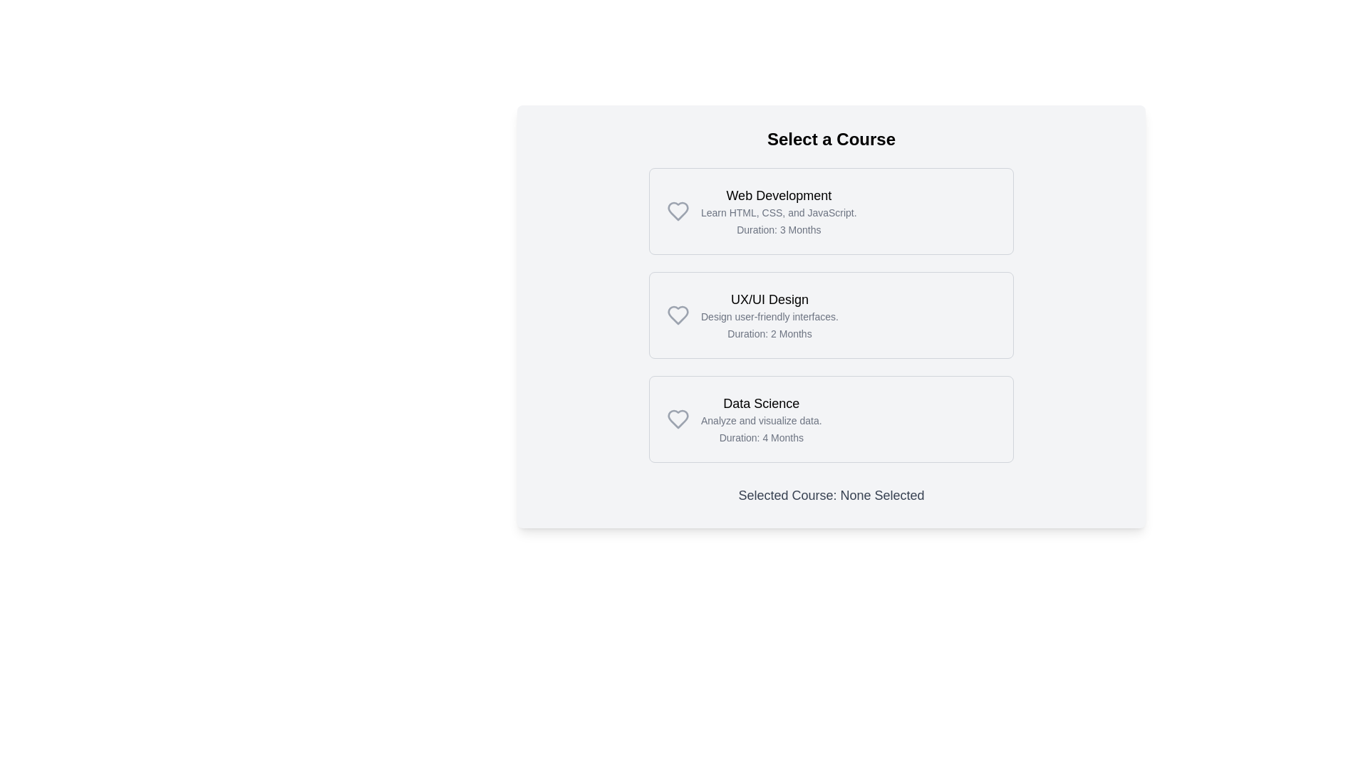 The image size is (1368, 769). What do you see at coordinates (677, 315) in the screenshot?
I see `the heart icon representing the popularity or bookmarking for the 'UX/UI Design' course, which is located to the left of the course text block` at bounding box center [677, 315].